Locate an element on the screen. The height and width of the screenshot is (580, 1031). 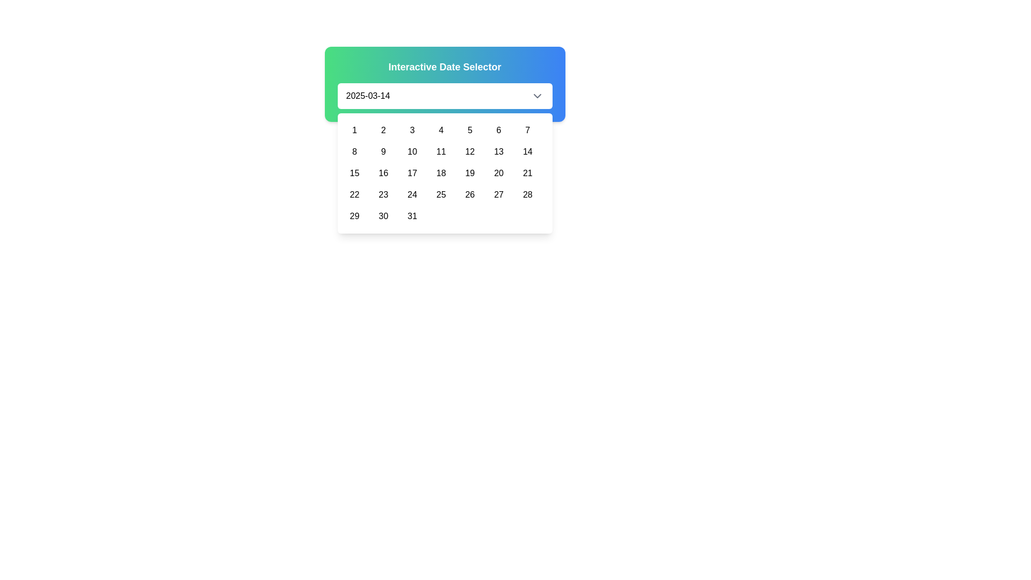
the square button displaying the number '28' located in the bottom-right corner of the calendar grid is located at coordinates (527, 194).